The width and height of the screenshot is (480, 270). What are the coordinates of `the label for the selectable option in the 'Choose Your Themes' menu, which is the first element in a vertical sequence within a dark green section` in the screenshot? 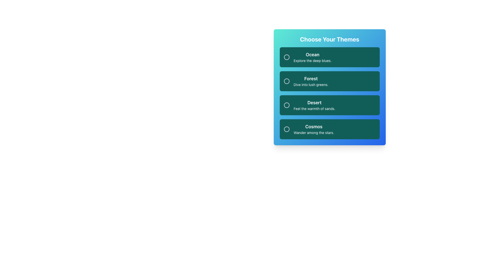 It's located at (312, 55).